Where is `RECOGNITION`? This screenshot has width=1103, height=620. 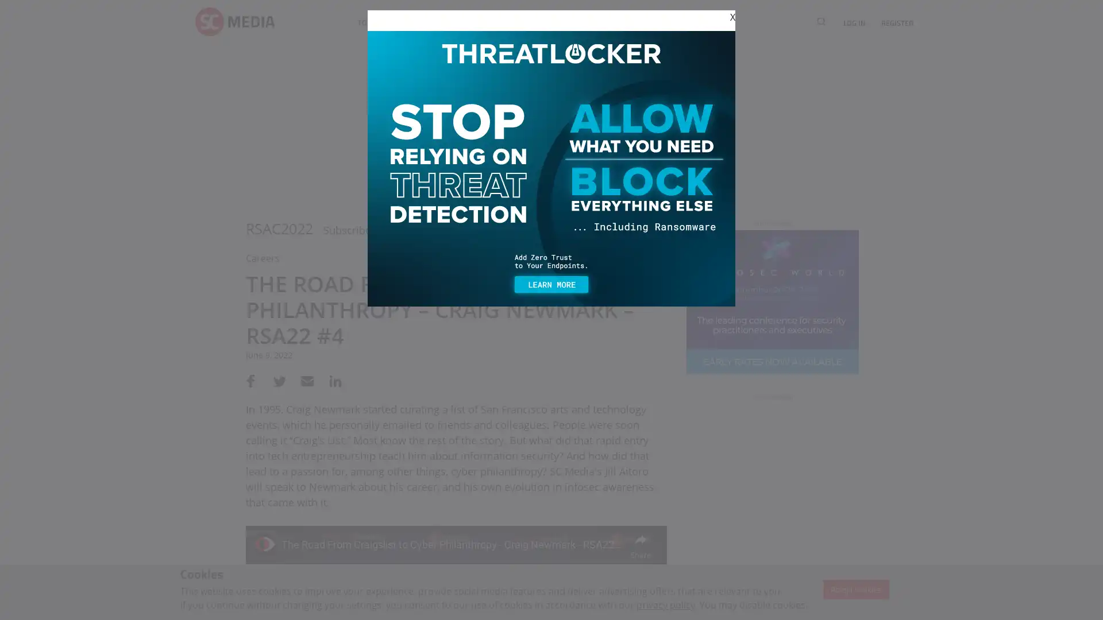
RECOGNITION is located at coordinates (634, 22).